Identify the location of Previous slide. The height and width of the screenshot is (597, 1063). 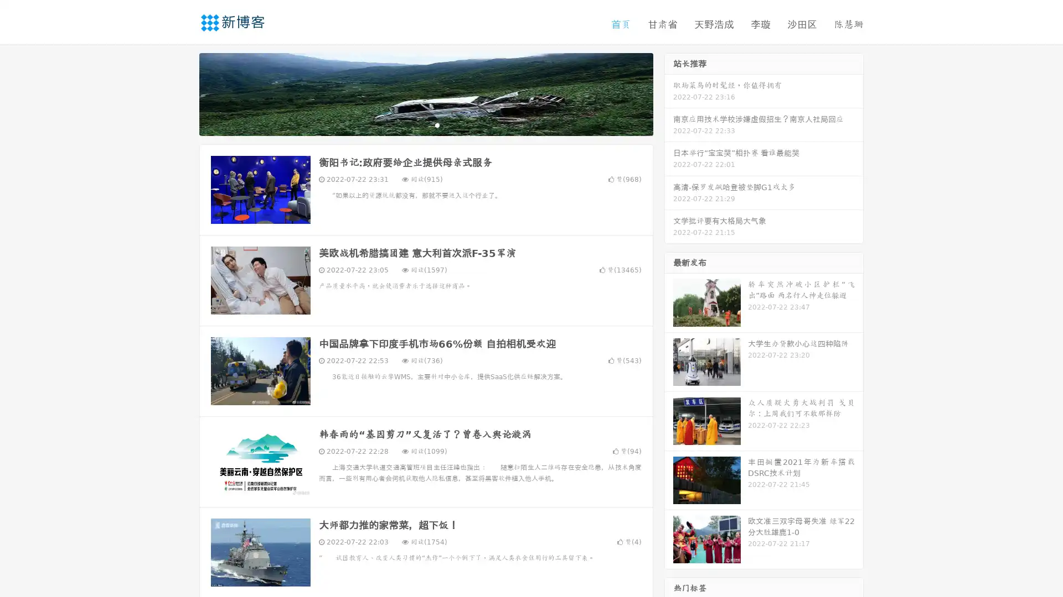
(183, 93).